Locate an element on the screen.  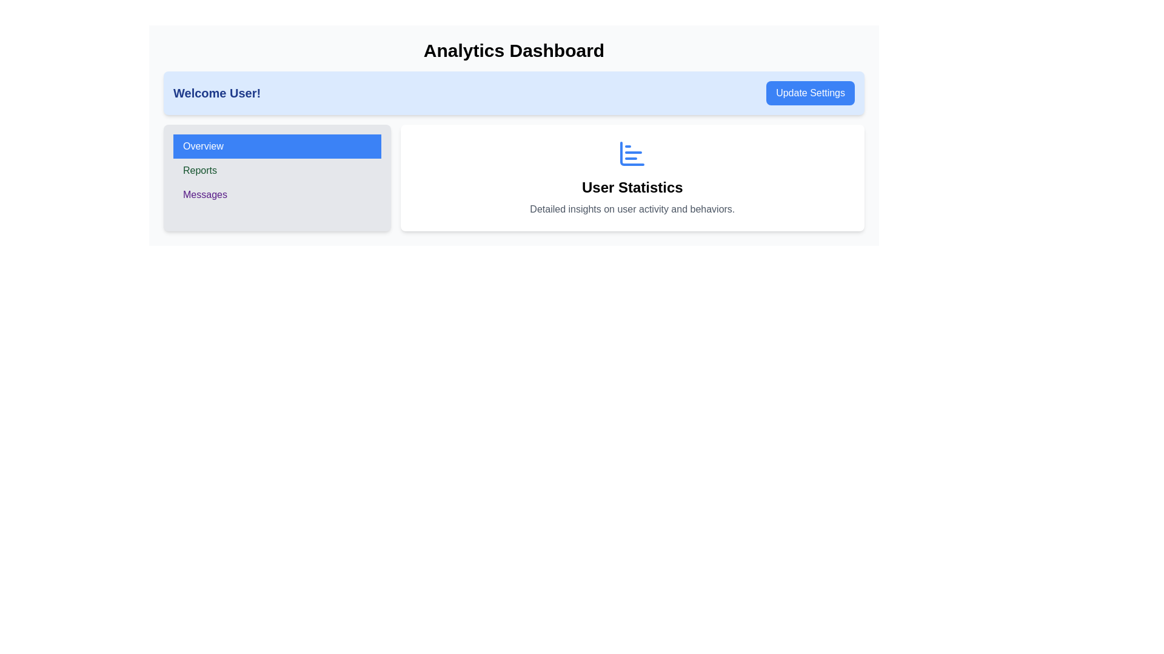
the text block displaying the title 'User Statistics', which is prominently styled in a bold and large font size, centrally aligned in the dashboard layout is located at coordinates (632, 187).